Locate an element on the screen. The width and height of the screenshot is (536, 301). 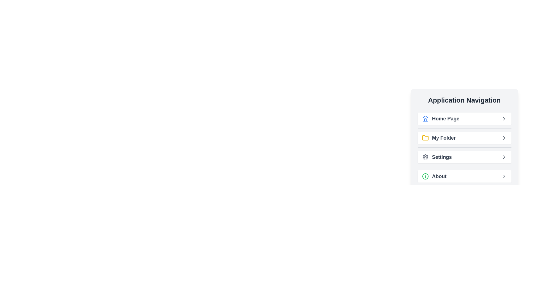
the 'My Folder' button located in the Application Navigation menu, which is the second item below 'Home Page' and above 'Settings' is located at coordinates (464, 140).